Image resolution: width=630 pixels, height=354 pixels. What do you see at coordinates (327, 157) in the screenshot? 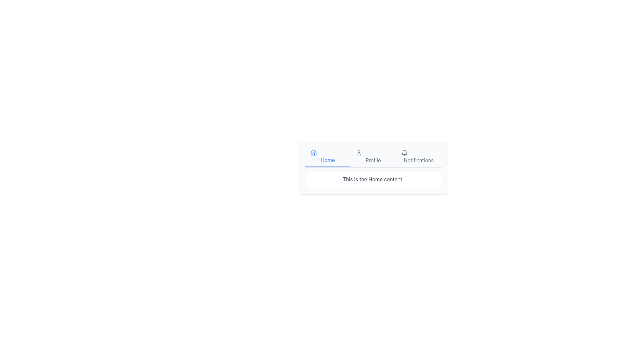
I see `the 'Home' button, which is the first button on the left in the navigation bar containing a home icon and labeled 'Home'` at bounding box center [327, 157].